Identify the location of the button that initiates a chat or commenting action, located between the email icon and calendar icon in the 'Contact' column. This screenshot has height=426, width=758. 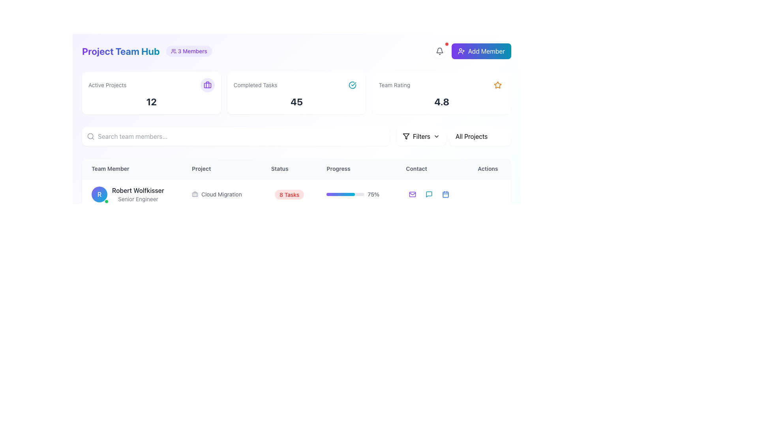
(429, 194).